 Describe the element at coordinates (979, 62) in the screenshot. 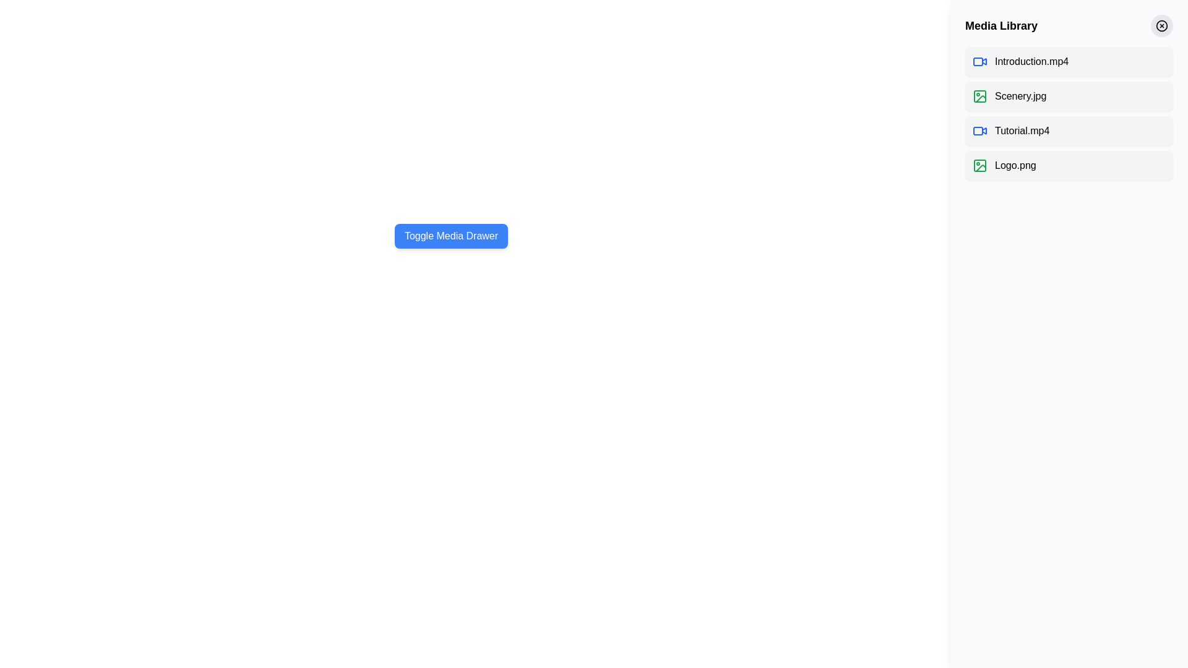

I see `the video icon with a blue outline next to the text 'Introduction.mp4' in the Media Library` at that location.